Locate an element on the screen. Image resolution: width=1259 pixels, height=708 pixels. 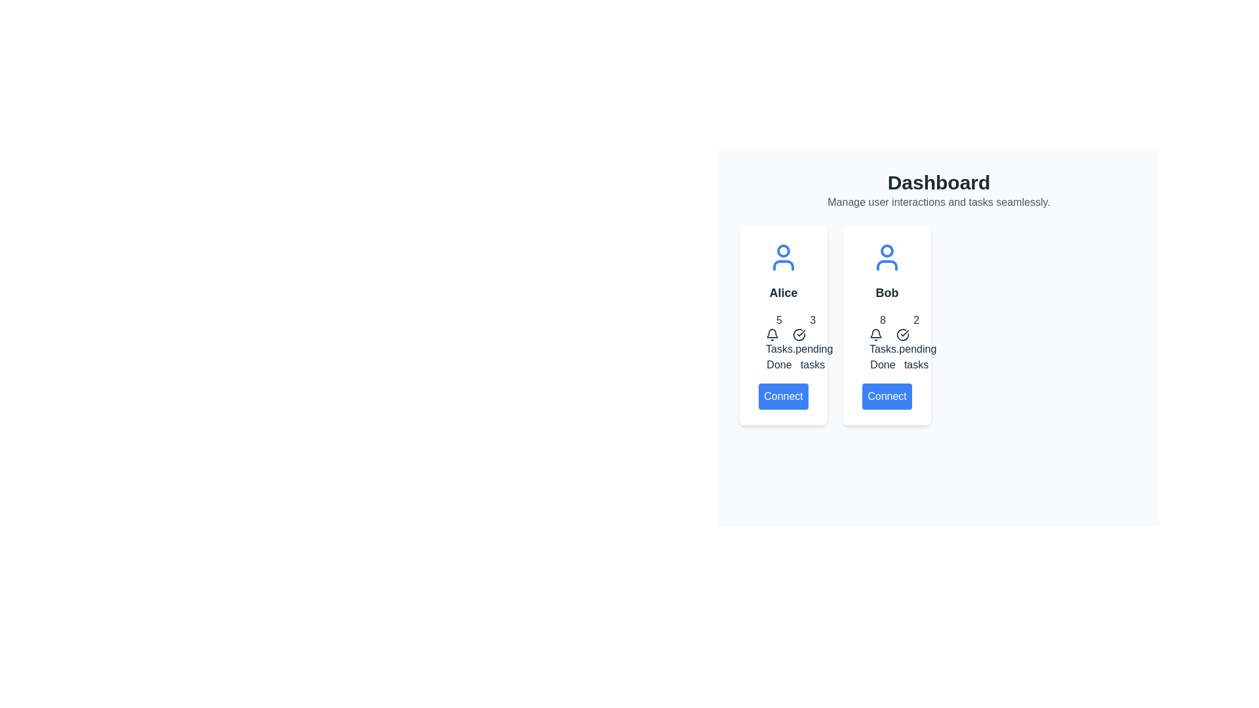
the lower component of the blue user icon representing user-related content, located at the top of the card labeled 'Alice' is located at coordinates (784, 265).